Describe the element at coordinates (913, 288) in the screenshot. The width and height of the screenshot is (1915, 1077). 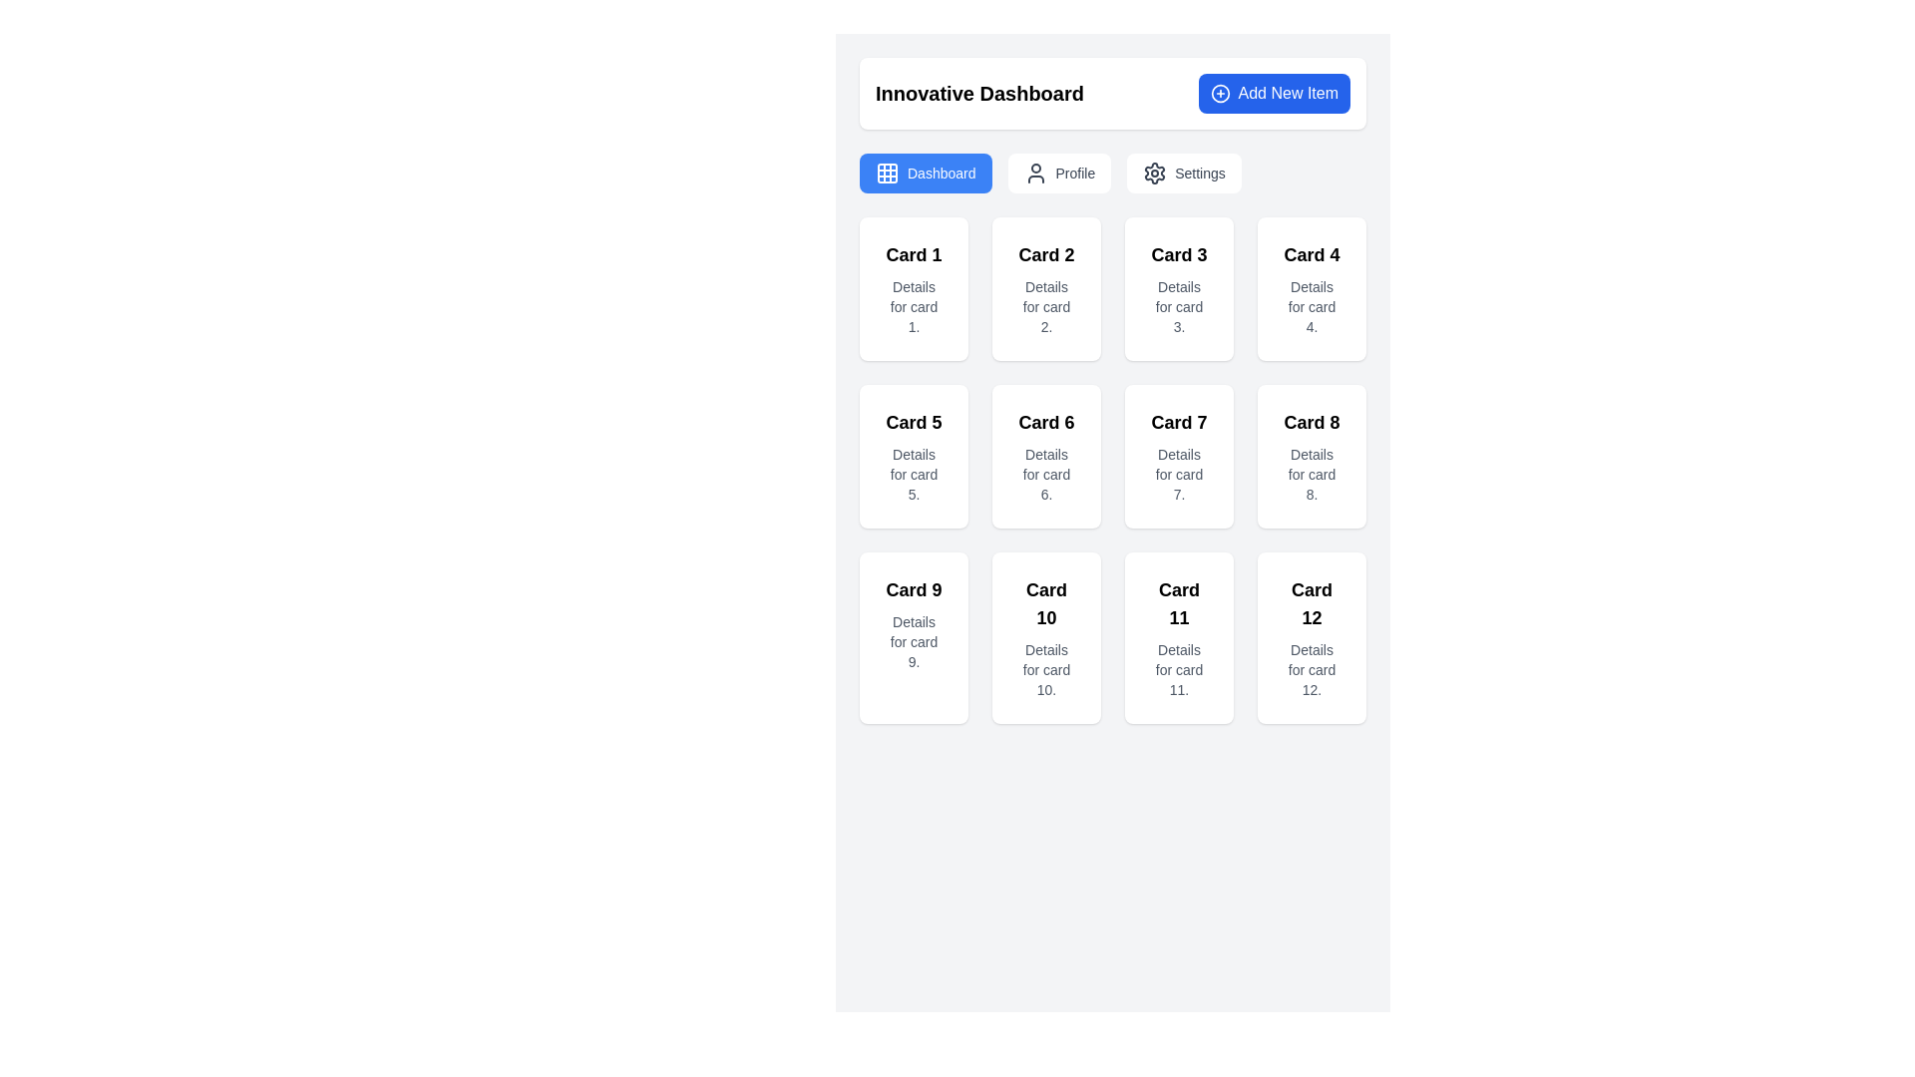
I see `the card located in the first row, first column of the grid, displaying a title and additional details` at that location.